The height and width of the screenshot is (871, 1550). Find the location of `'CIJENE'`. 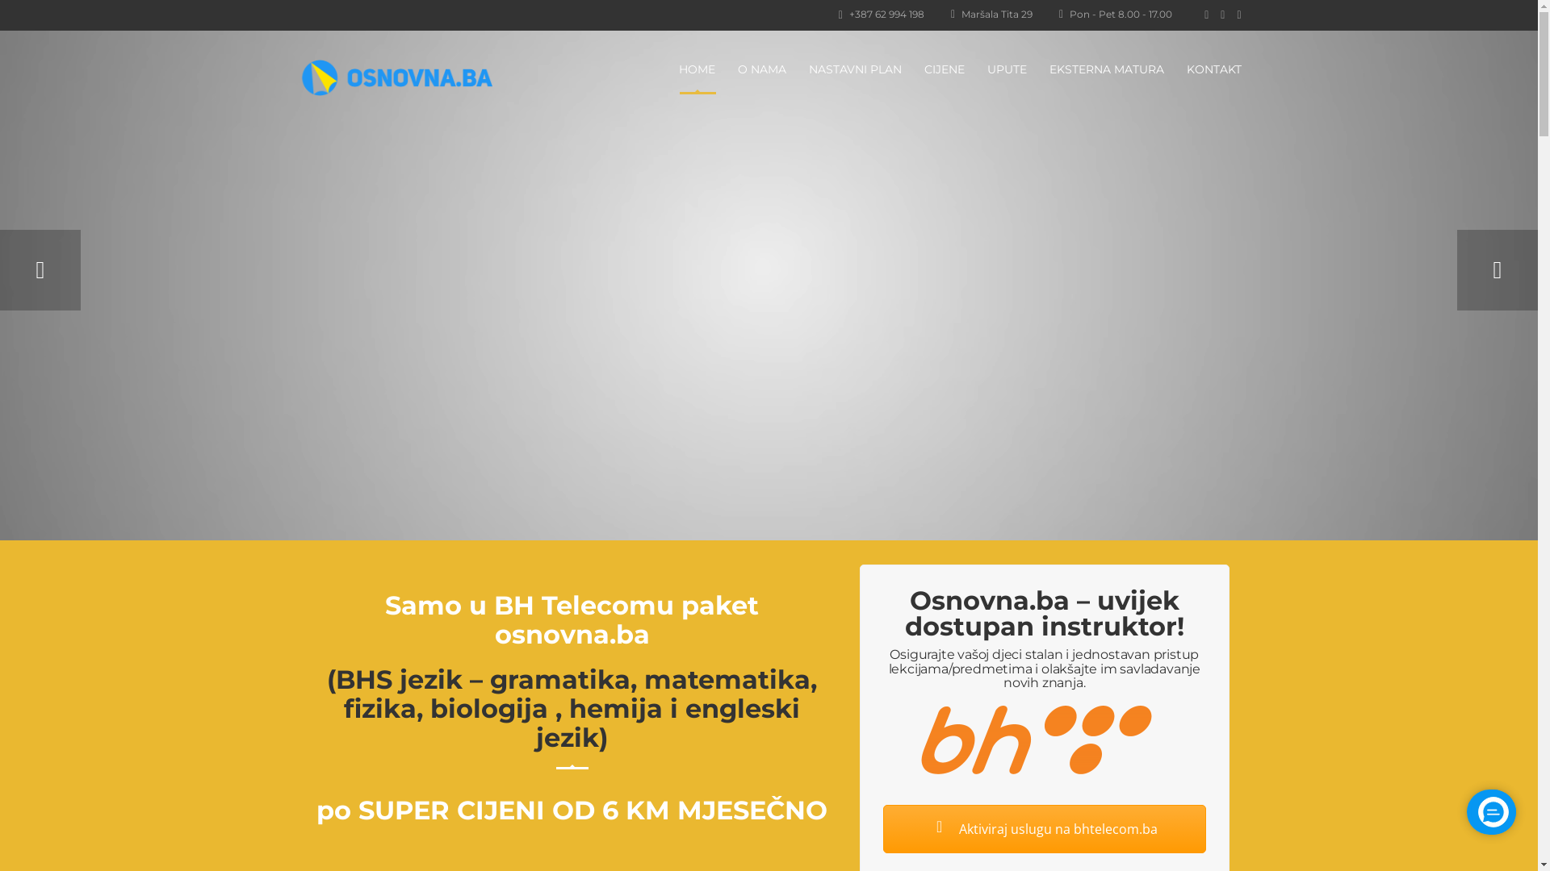

'CIJENE' is located at coordinates (944, 68).